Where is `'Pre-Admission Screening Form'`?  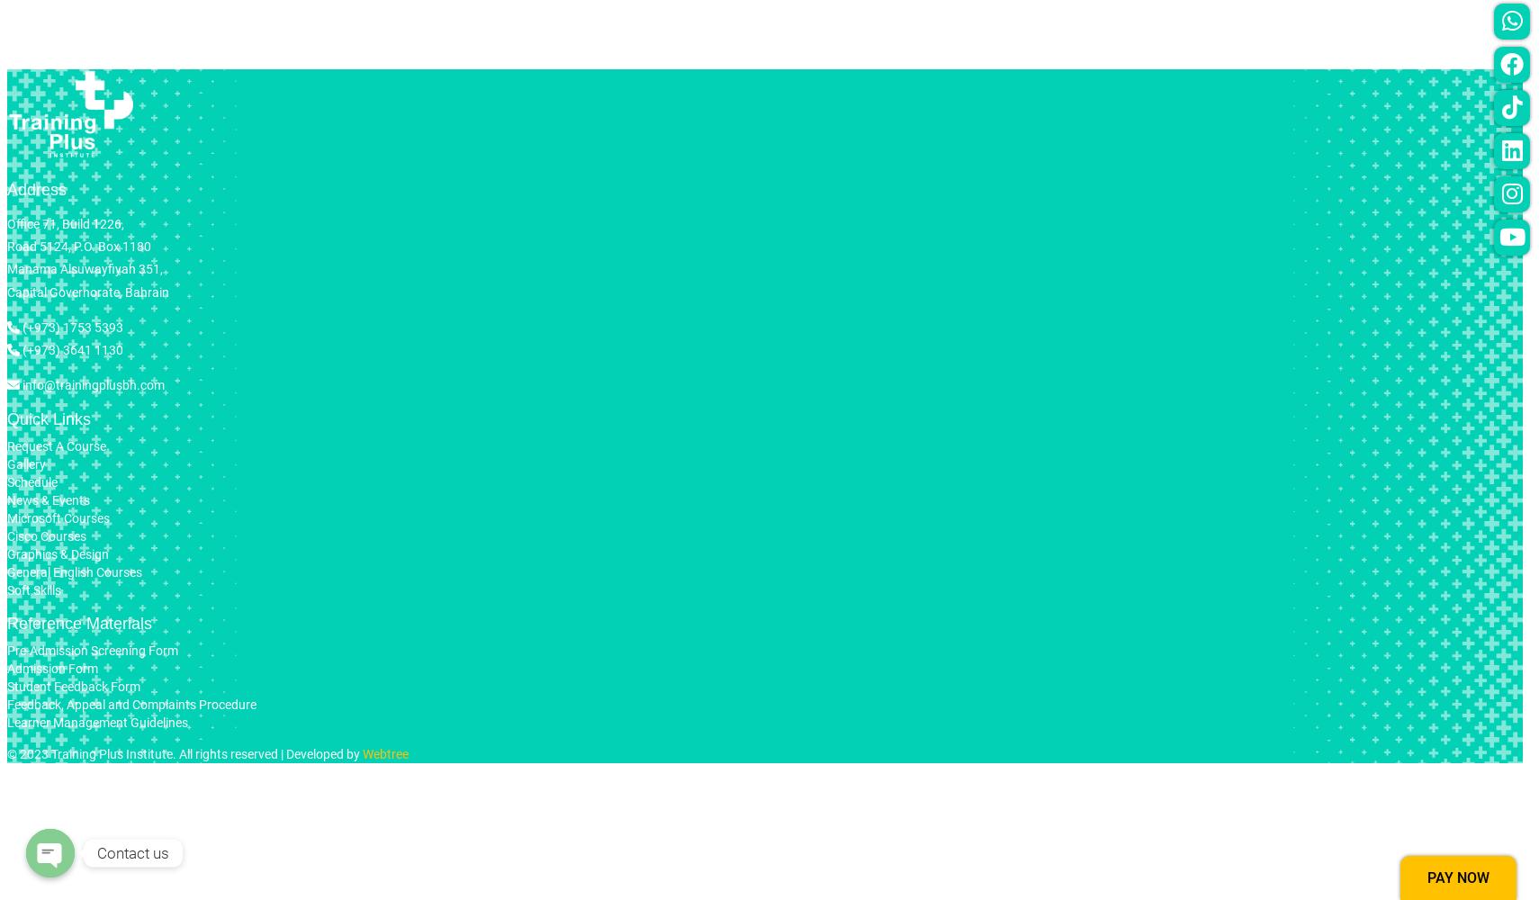 'Pre-Admission Screening Form' is located at coordinates (91, 649).